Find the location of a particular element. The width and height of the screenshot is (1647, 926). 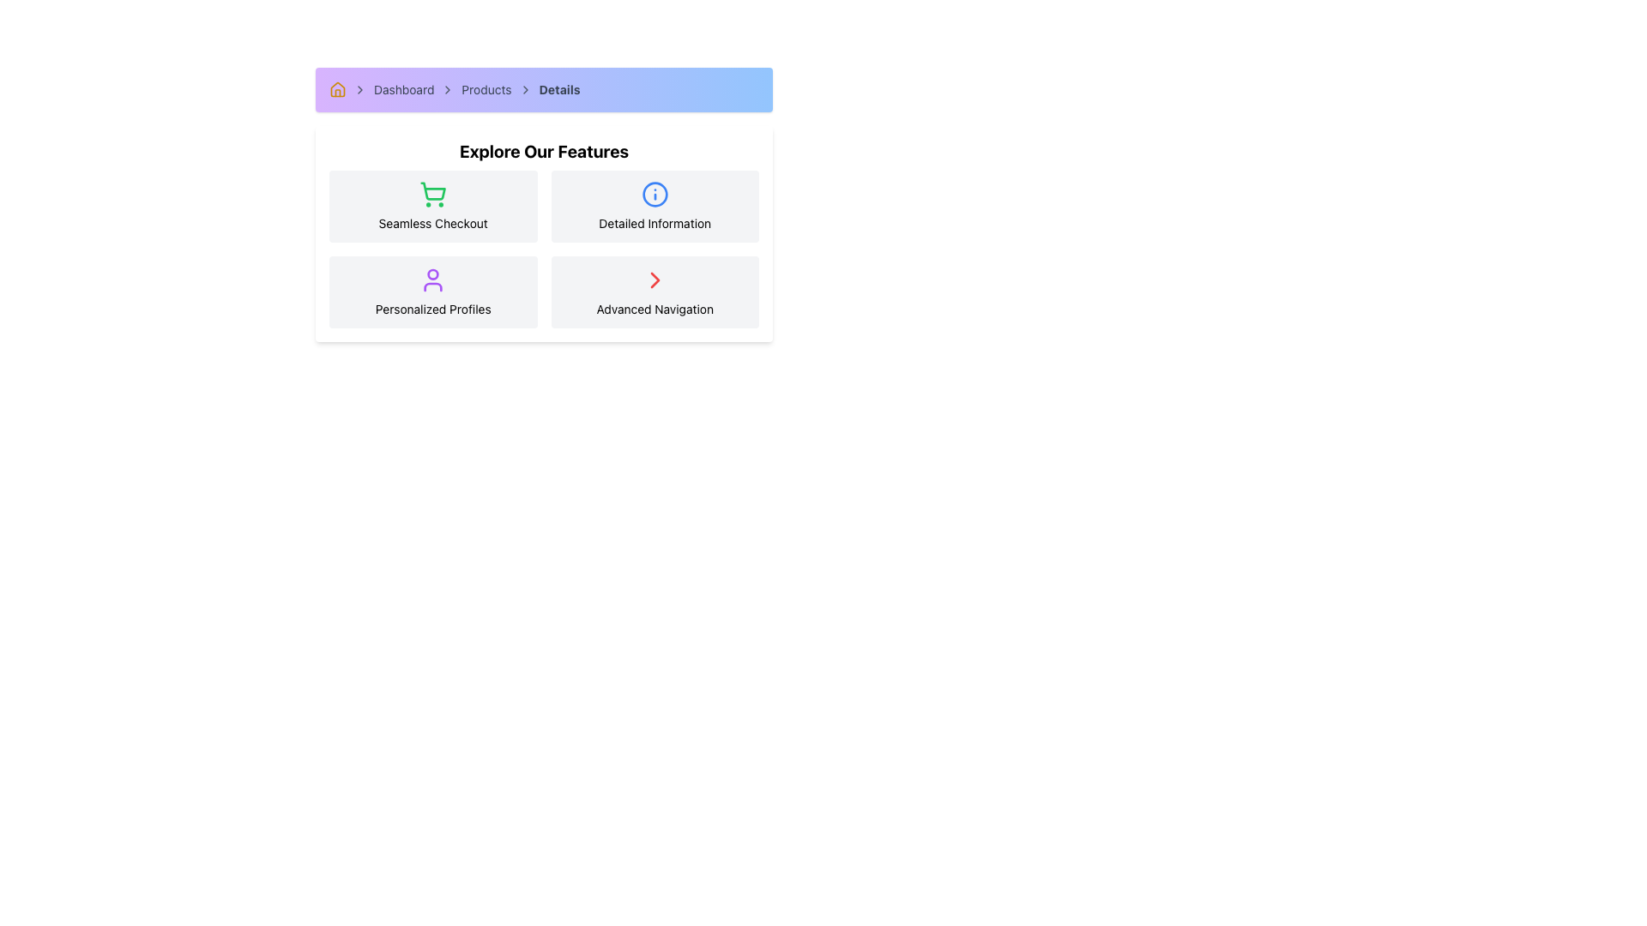

the second informational card is located at coordinates (543, 187).